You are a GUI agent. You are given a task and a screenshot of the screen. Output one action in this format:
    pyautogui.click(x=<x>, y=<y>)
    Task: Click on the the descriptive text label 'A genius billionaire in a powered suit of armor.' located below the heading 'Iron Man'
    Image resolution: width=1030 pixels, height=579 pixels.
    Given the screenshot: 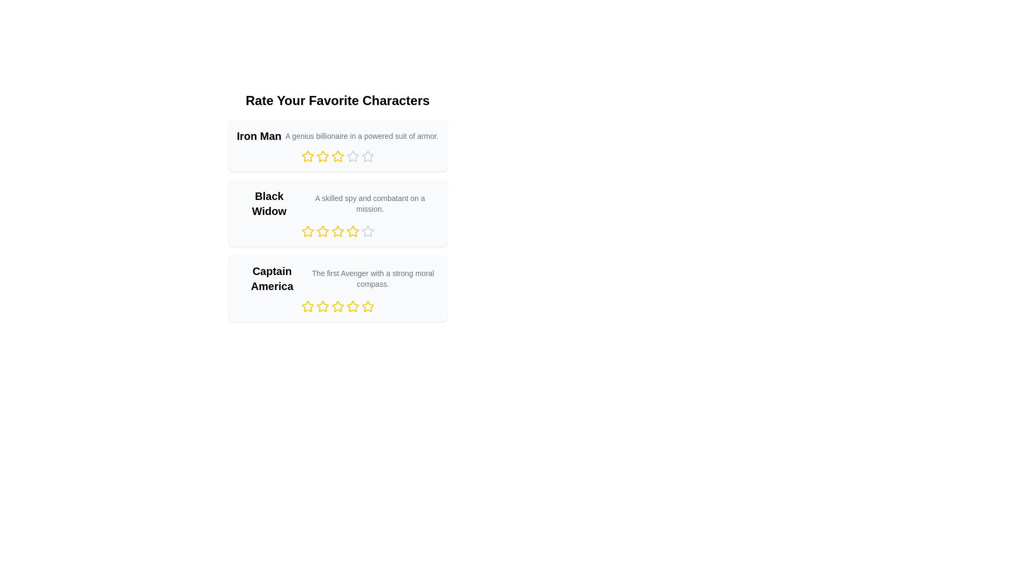 What is the action you would take?
    pyautogui.click(x=362, y=136)
    